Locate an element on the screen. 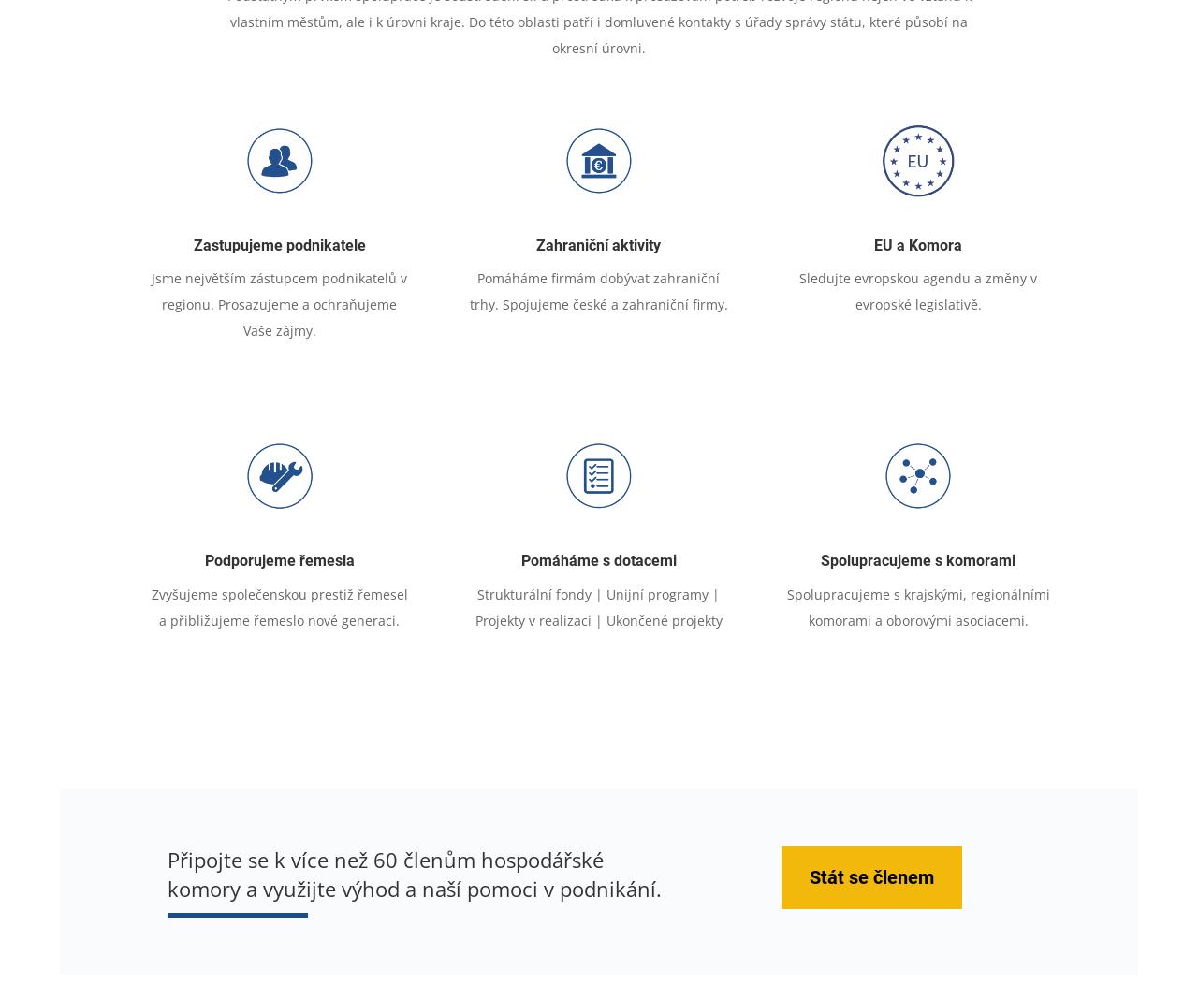  'EU a Komora' is located at coordinates (917, 244).